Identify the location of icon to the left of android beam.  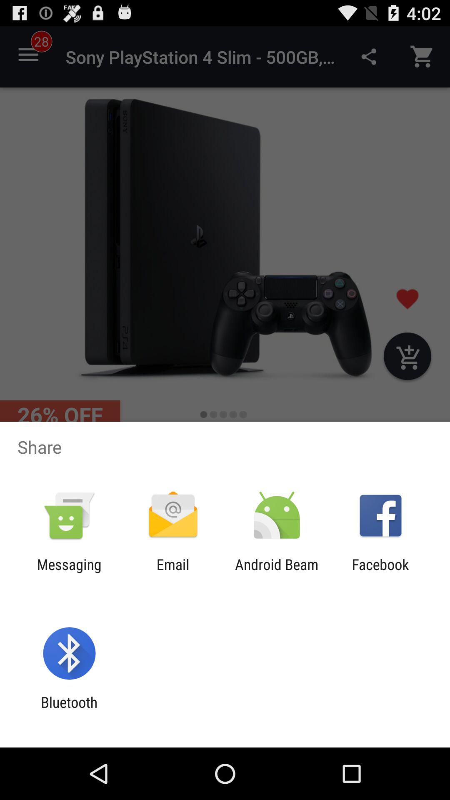
(172, 572).